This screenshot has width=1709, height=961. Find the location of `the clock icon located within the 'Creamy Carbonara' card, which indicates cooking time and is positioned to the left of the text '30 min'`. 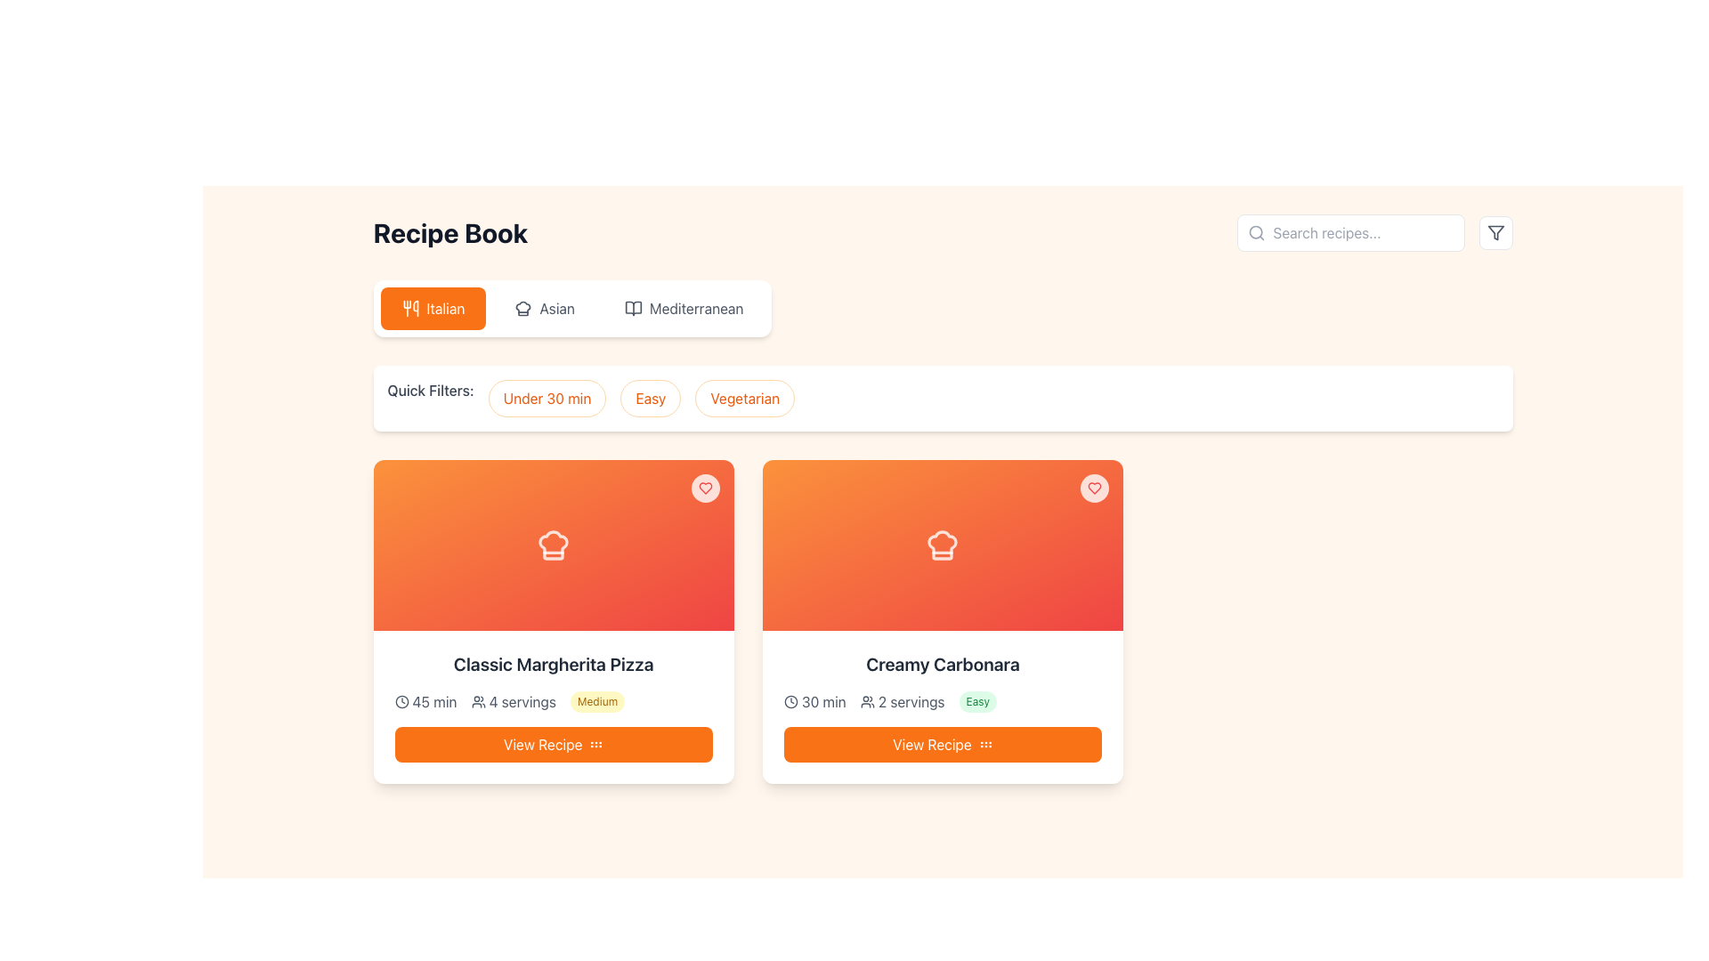

the clock icon located within the 'Creamy Carbonara' card, which indicates cooking time and is positioned to the left of the text '30 min' is located at coordinates (790, 701).